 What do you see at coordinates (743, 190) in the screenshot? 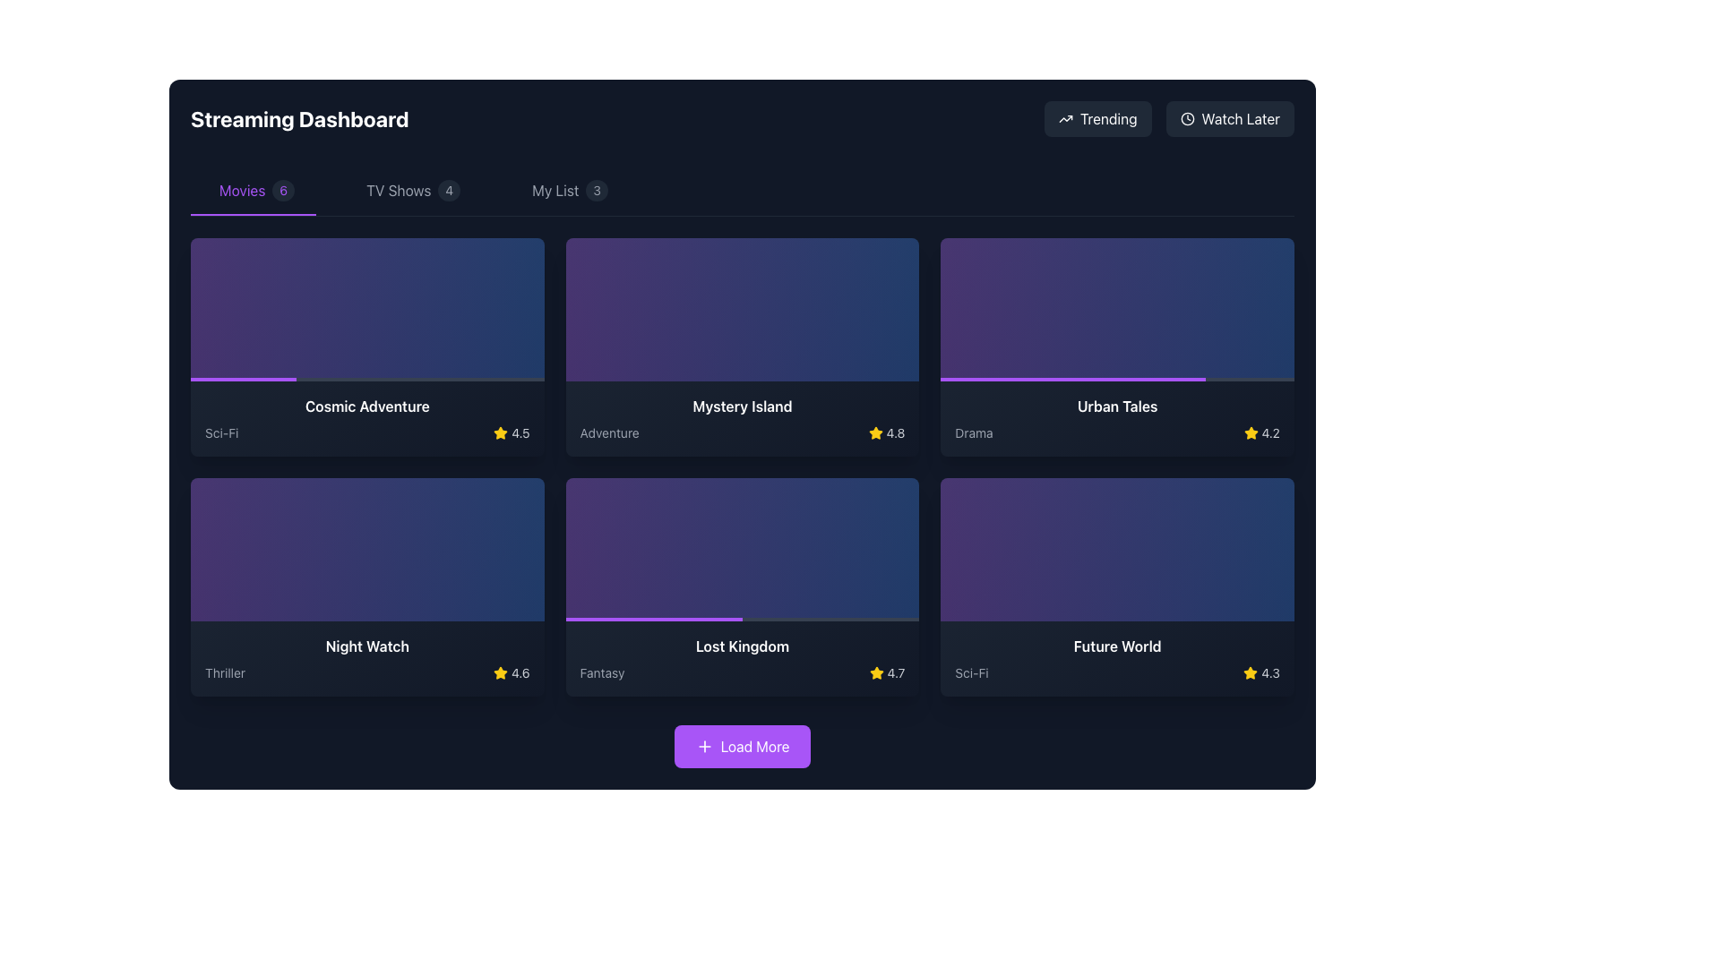
I see `the 'Movies', 'TV Shows', or 'My List' item in the Navigation bar to filter content accordingly` at bounding box center [743, 190].